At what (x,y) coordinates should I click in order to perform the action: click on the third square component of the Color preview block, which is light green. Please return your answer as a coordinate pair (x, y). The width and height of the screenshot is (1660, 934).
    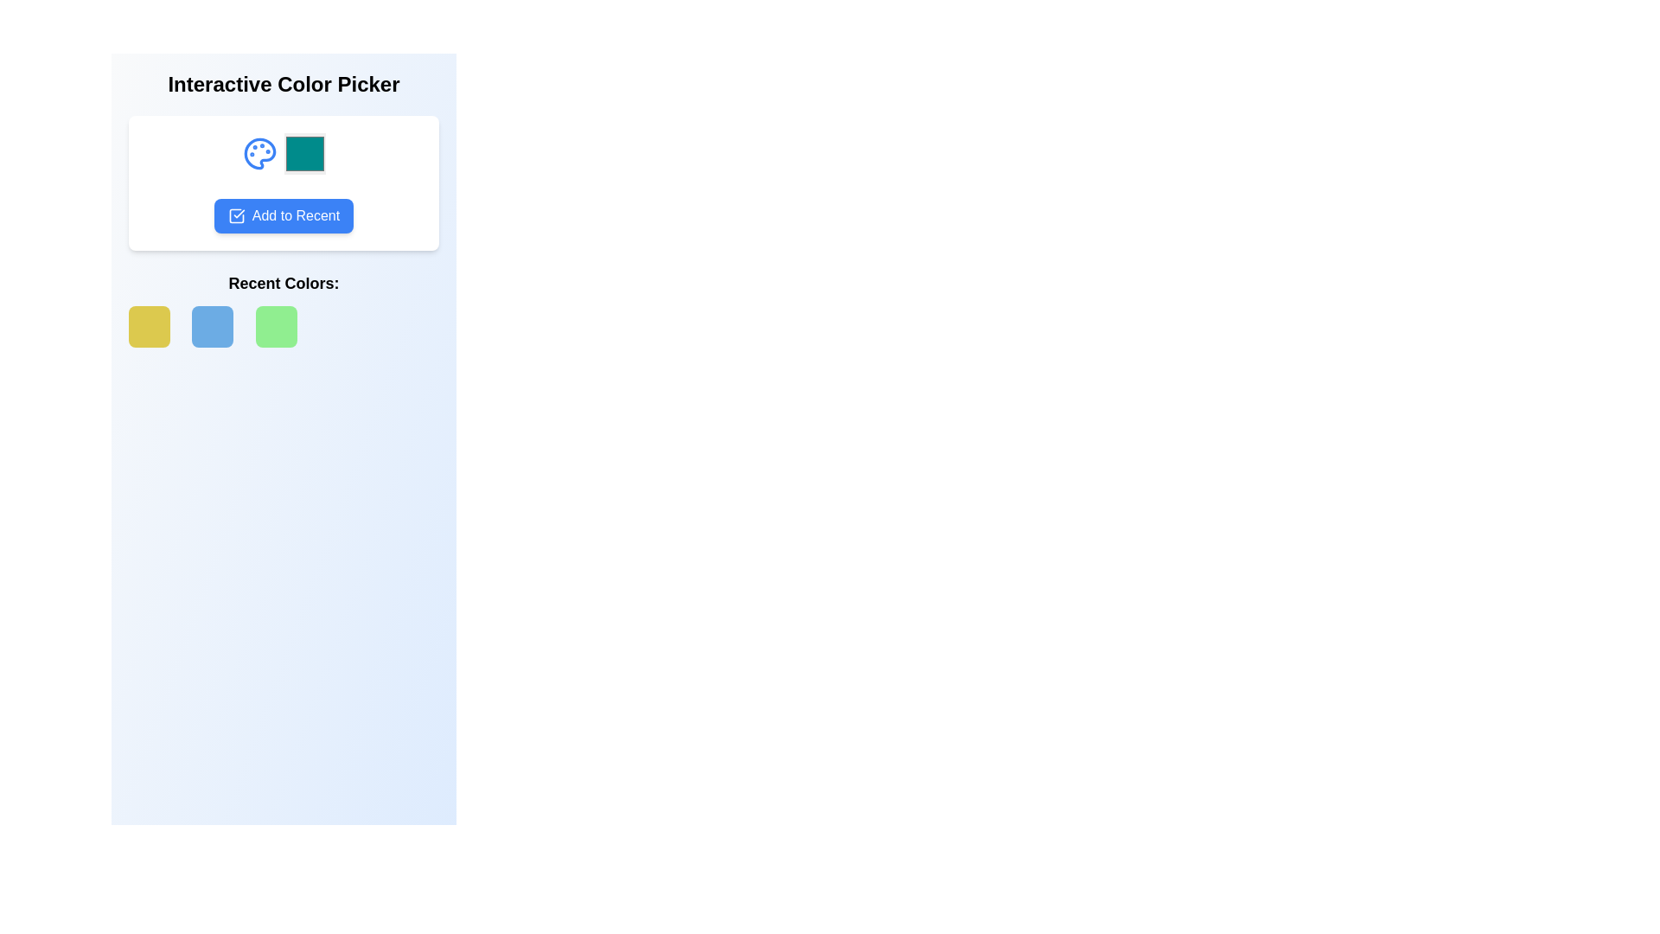
    Looking at the image, I should click on (284, 327).